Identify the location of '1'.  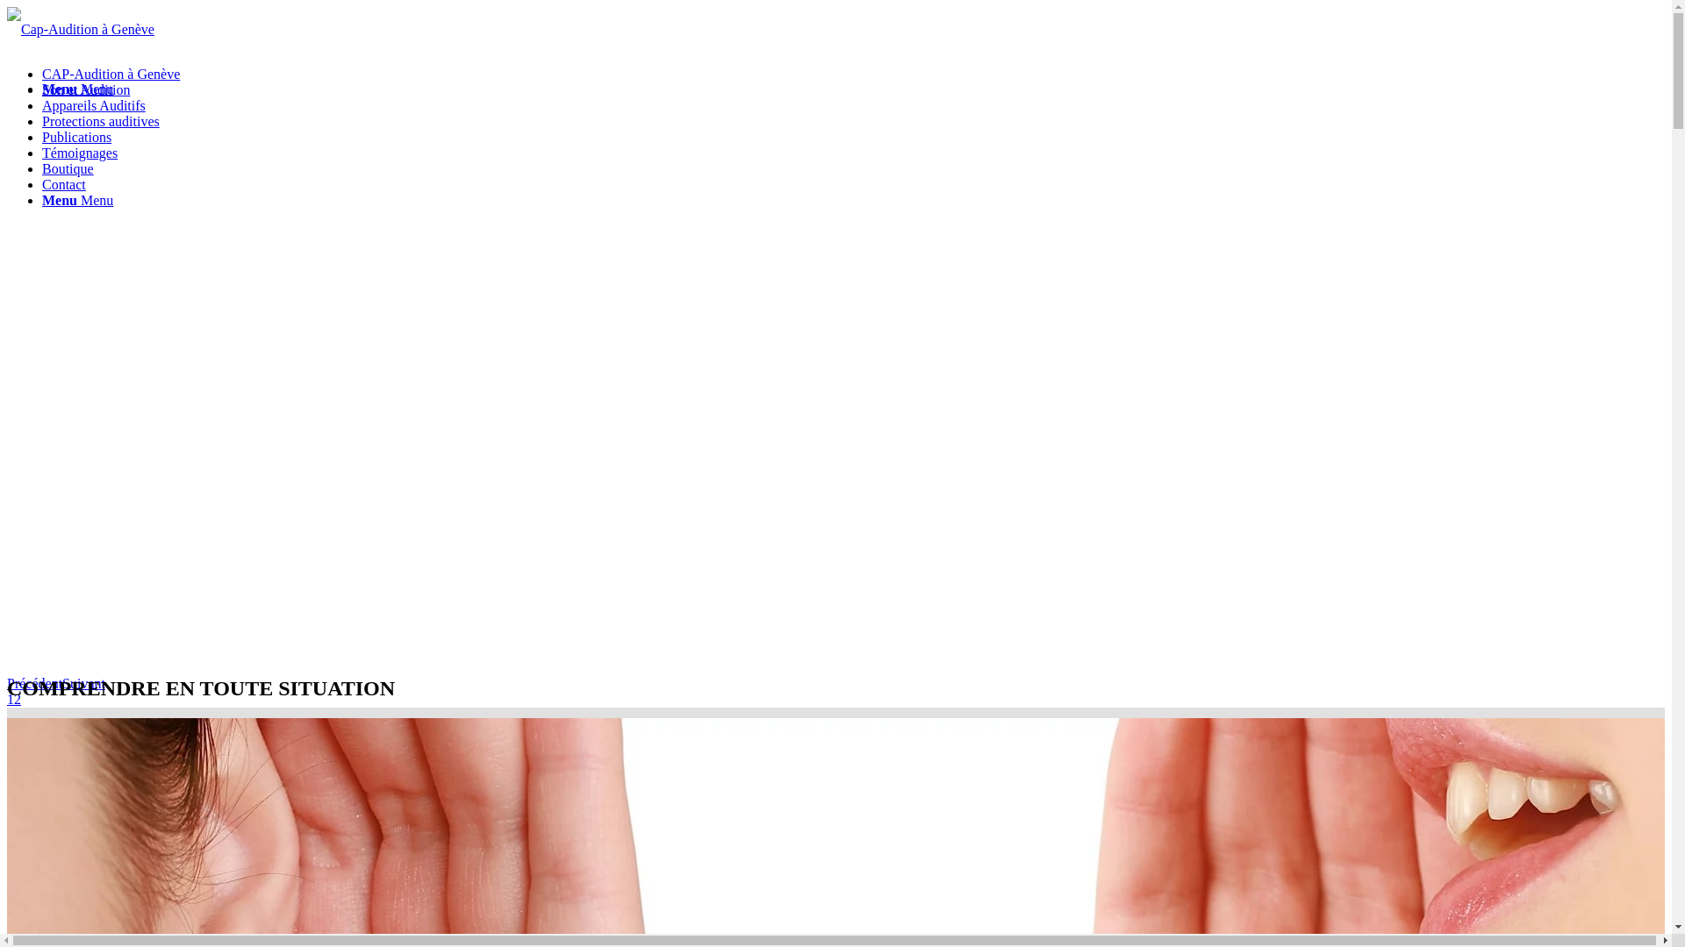
(11, 698).